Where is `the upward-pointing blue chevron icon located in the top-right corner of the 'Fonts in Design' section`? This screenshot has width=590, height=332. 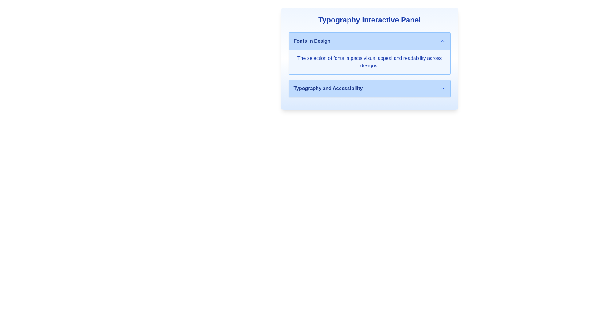
the upward-pointing blue chevron icon located in the top-right corner of the 'Fonts in Design' section is located at coordinates (442, 41).